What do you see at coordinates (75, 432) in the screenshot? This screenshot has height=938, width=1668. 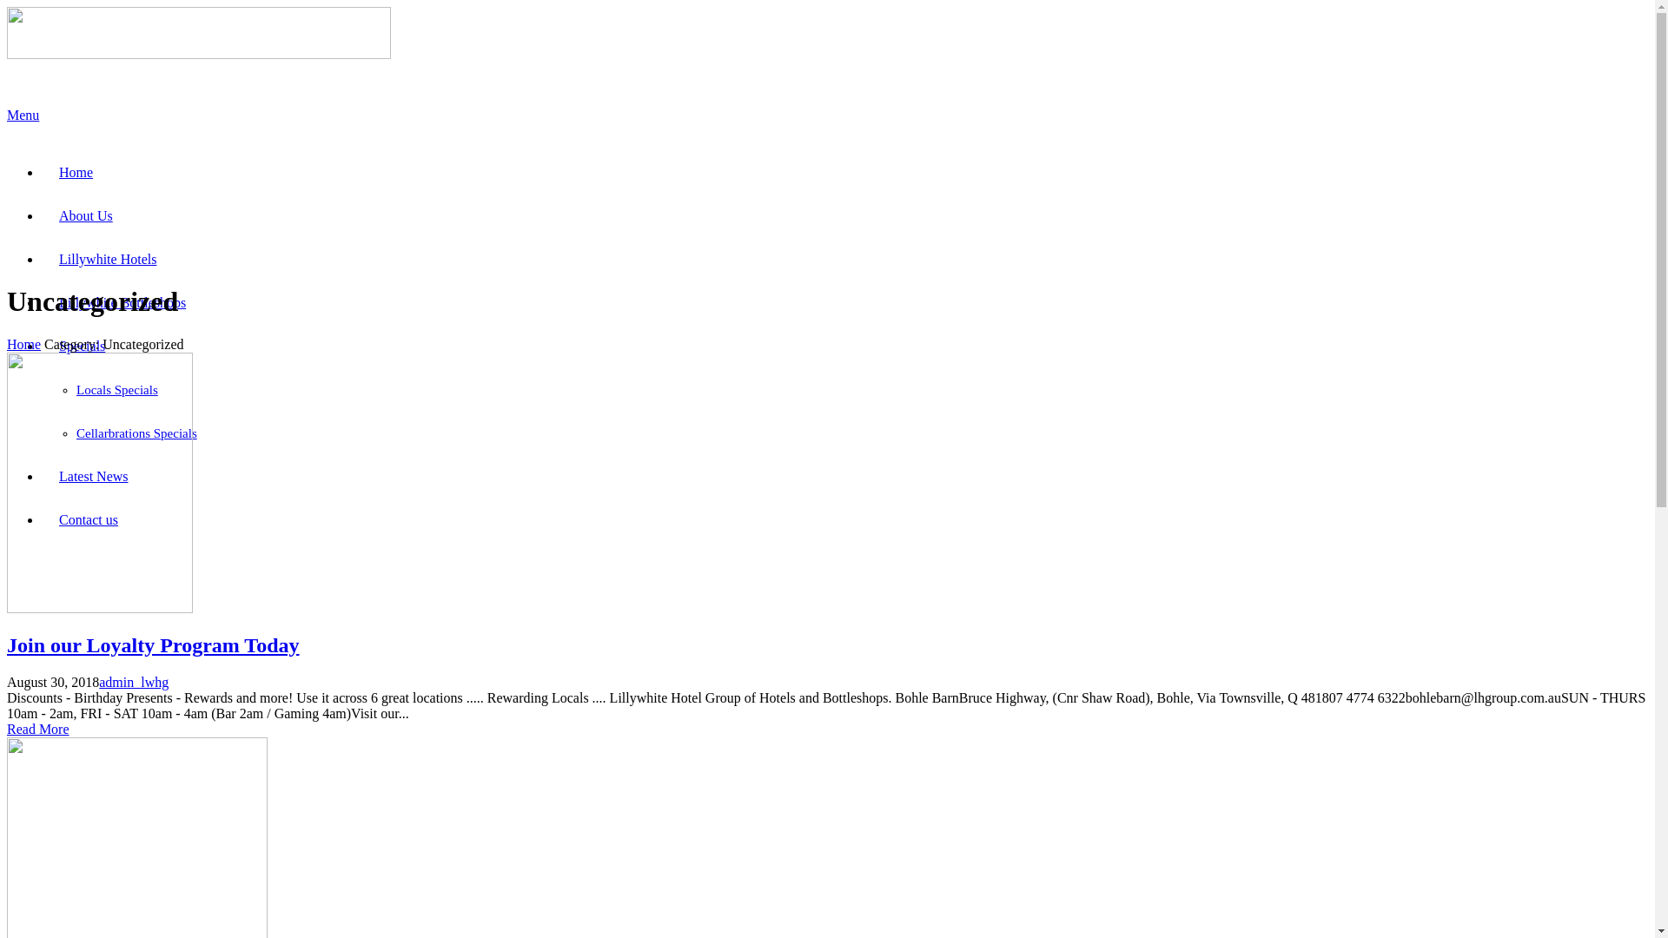 I see `'Cellarbrations Specials'` at bounding box center [75, 432].